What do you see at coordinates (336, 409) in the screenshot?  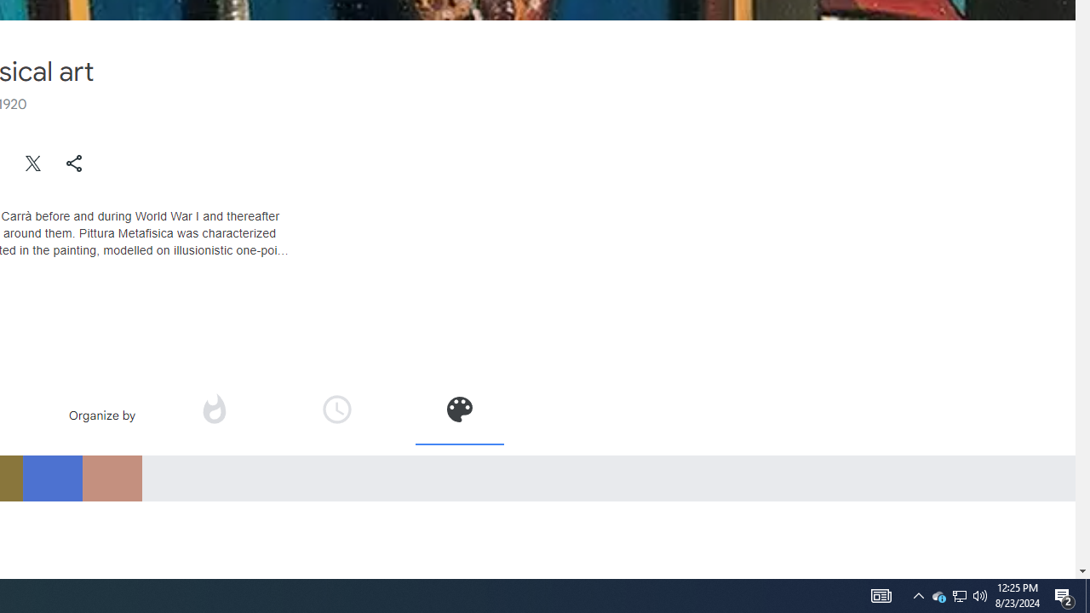 I see `'Organize by time'` at bounding box center [336, 409].